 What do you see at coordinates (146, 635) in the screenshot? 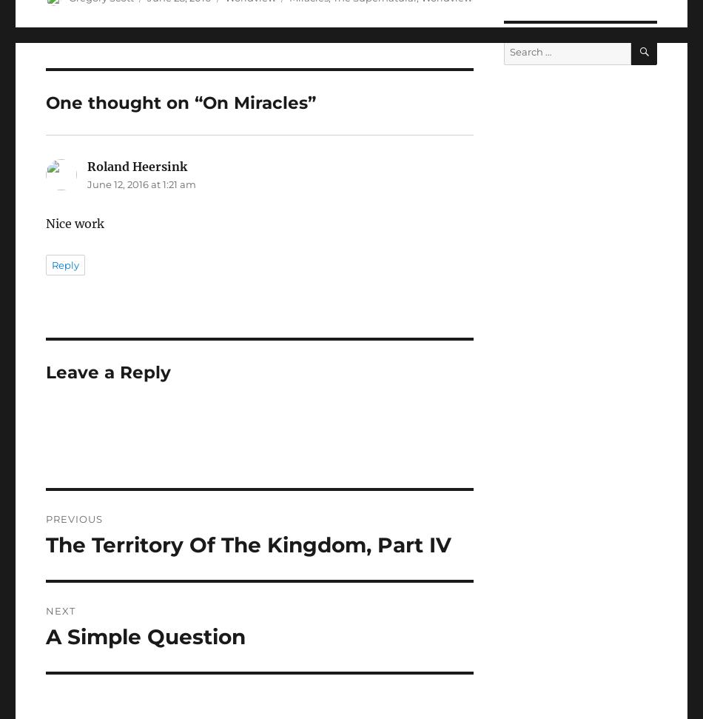
I see `'A Simple Question'` at bounding box center [146, 635].